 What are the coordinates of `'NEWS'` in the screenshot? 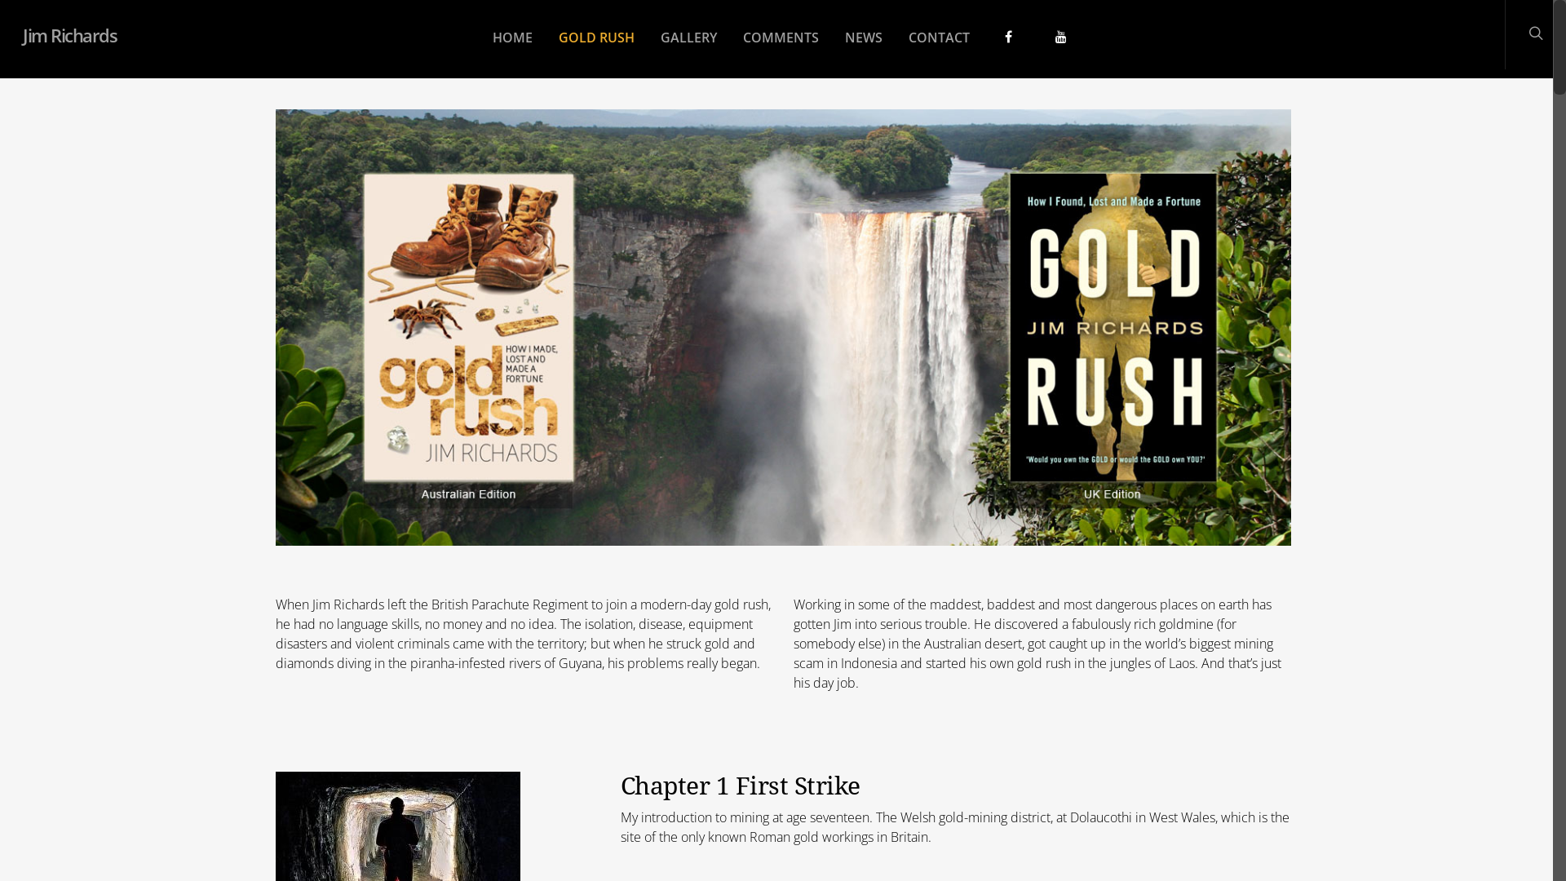 It's located at (861, 48).